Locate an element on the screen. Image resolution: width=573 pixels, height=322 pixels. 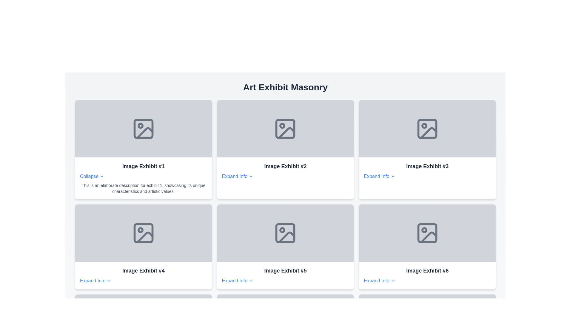
the decorative graphic element located in the lower-right corner of the 'Image Exhibit #5' card in the second row and middle column of the grid is located at coordinates (287, 237).